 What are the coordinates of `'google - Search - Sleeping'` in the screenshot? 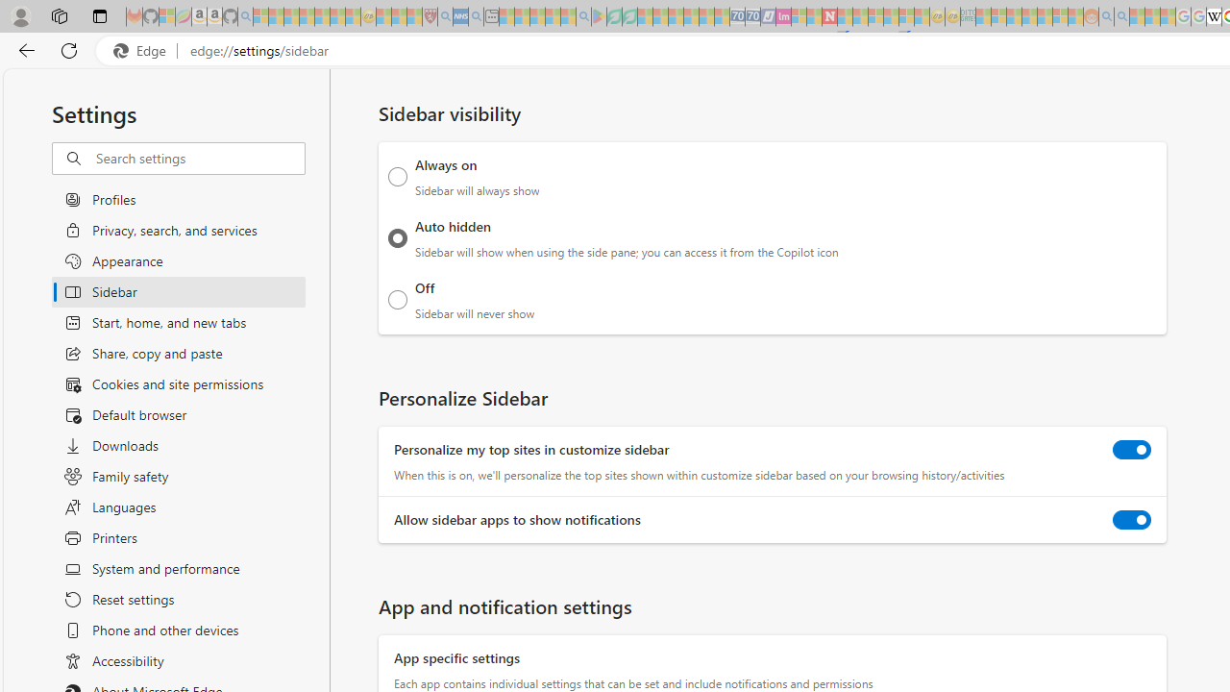 It's located at (583, 16).